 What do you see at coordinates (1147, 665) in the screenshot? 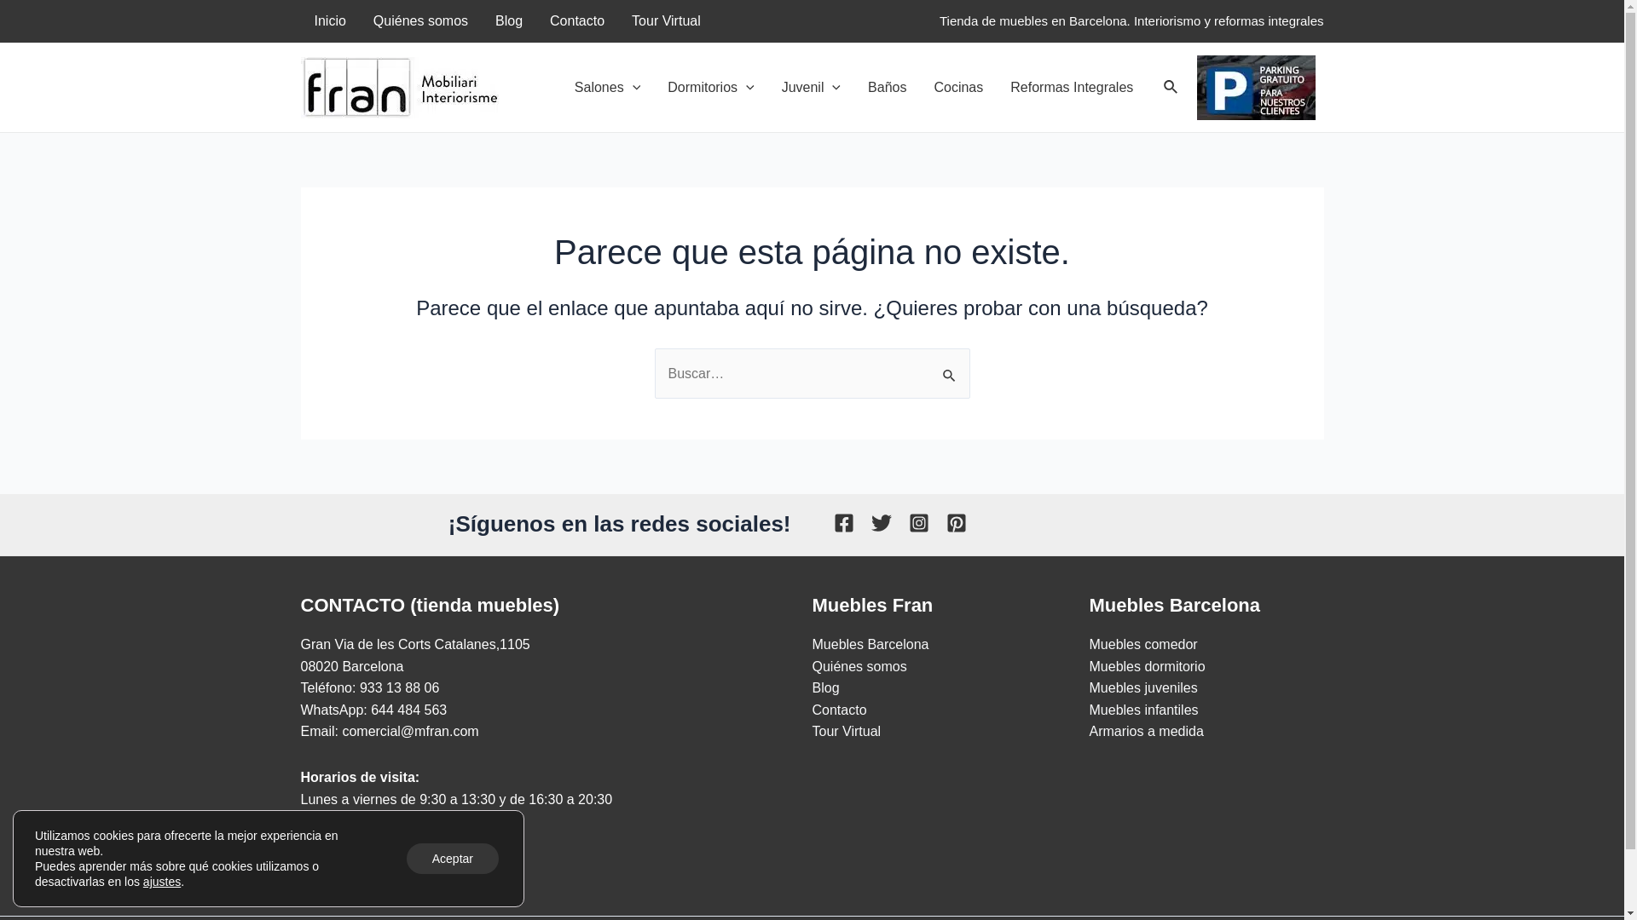
I see `'Muebles dormitorio'` at bounding box center [1147, 665].